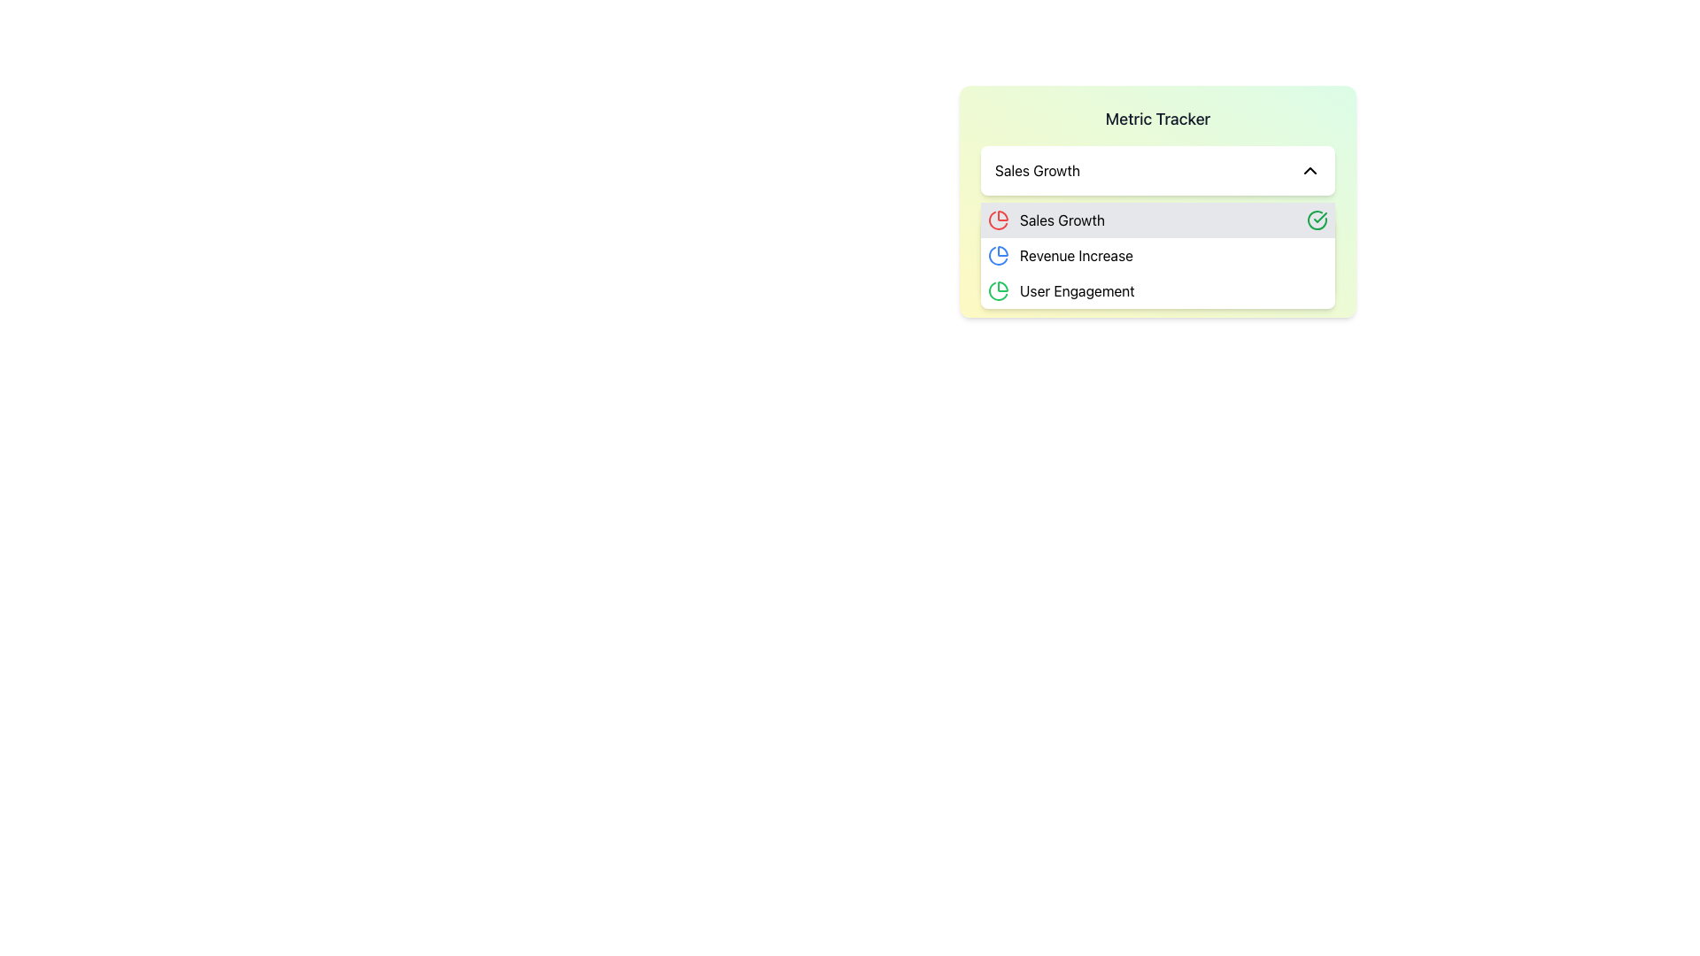 The width and height of the screenshot is (1700, 956). Describe the element at coordinates (999, 256) in the screenshot. I see `the pie chart icon with a blue fill color, located at the start of the row labeled 'Revenue Increase' in the 'Metric Tracker' section` at that location.